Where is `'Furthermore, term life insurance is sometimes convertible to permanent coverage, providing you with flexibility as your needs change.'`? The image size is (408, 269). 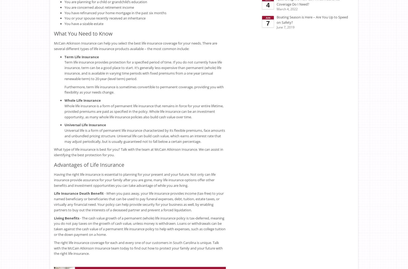
'Furthermore, term life insurance is sometimes convertible to permanent coverage, providing you with flexibility as your needs change.' is located at coordinates (144, 89).